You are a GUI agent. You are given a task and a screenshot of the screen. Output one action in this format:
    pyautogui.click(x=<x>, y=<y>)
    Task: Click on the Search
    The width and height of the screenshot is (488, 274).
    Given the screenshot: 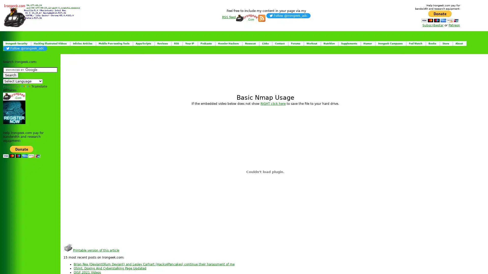 What is the action you would take?
    pyautogui.click(x=11, y=75)
    